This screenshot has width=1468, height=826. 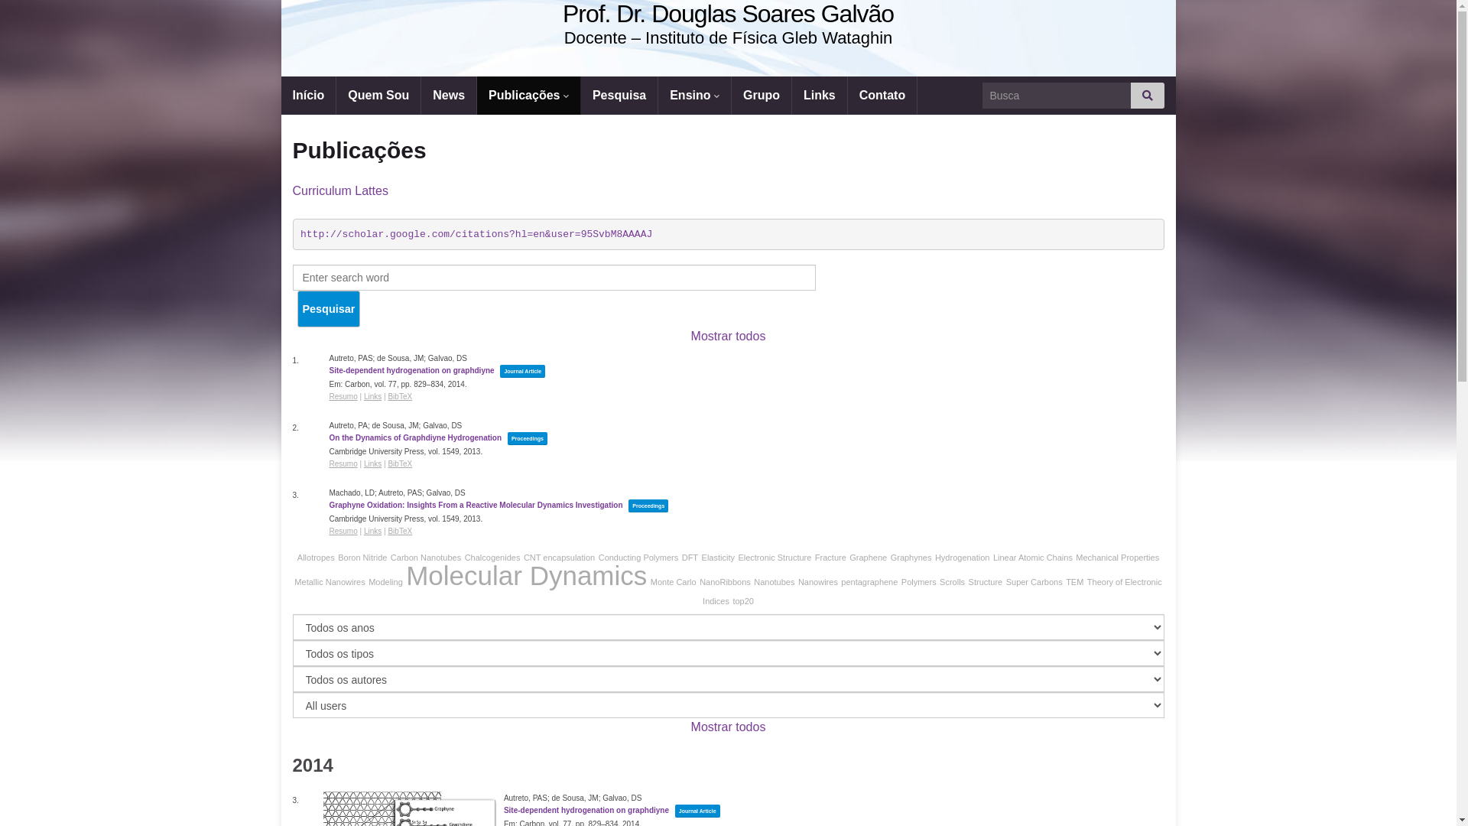 What do you see at coordinates (728, 335) in the screenshot?
I see `'Mostrar todos'` at bounding box center [728, 335].